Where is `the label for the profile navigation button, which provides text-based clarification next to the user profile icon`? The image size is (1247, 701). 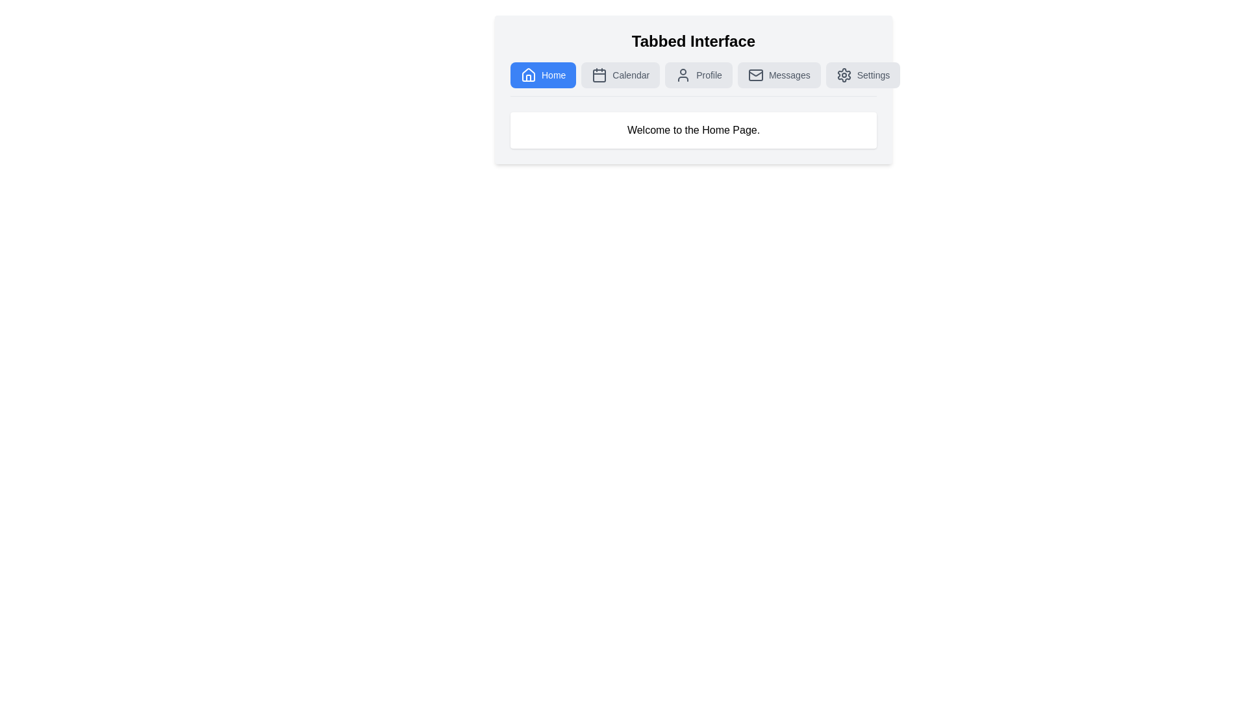
the label for the profile navigation button, which provides text-based clarification next to the user profile icon is located at coordinates (709, 75).